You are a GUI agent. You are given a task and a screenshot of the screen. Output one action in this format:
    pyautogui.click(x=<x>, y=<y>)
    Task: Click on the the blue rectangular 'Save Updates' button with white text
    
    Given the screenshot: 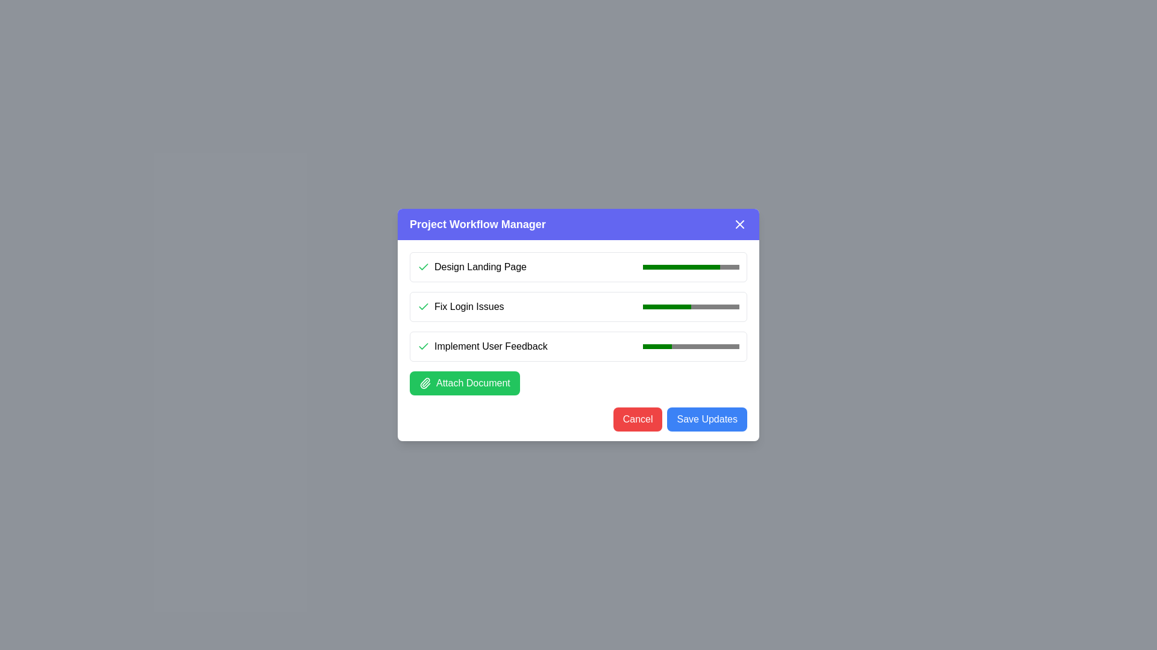 What is the action you would take?
    pyautogui.click(x=707, y=419)
    